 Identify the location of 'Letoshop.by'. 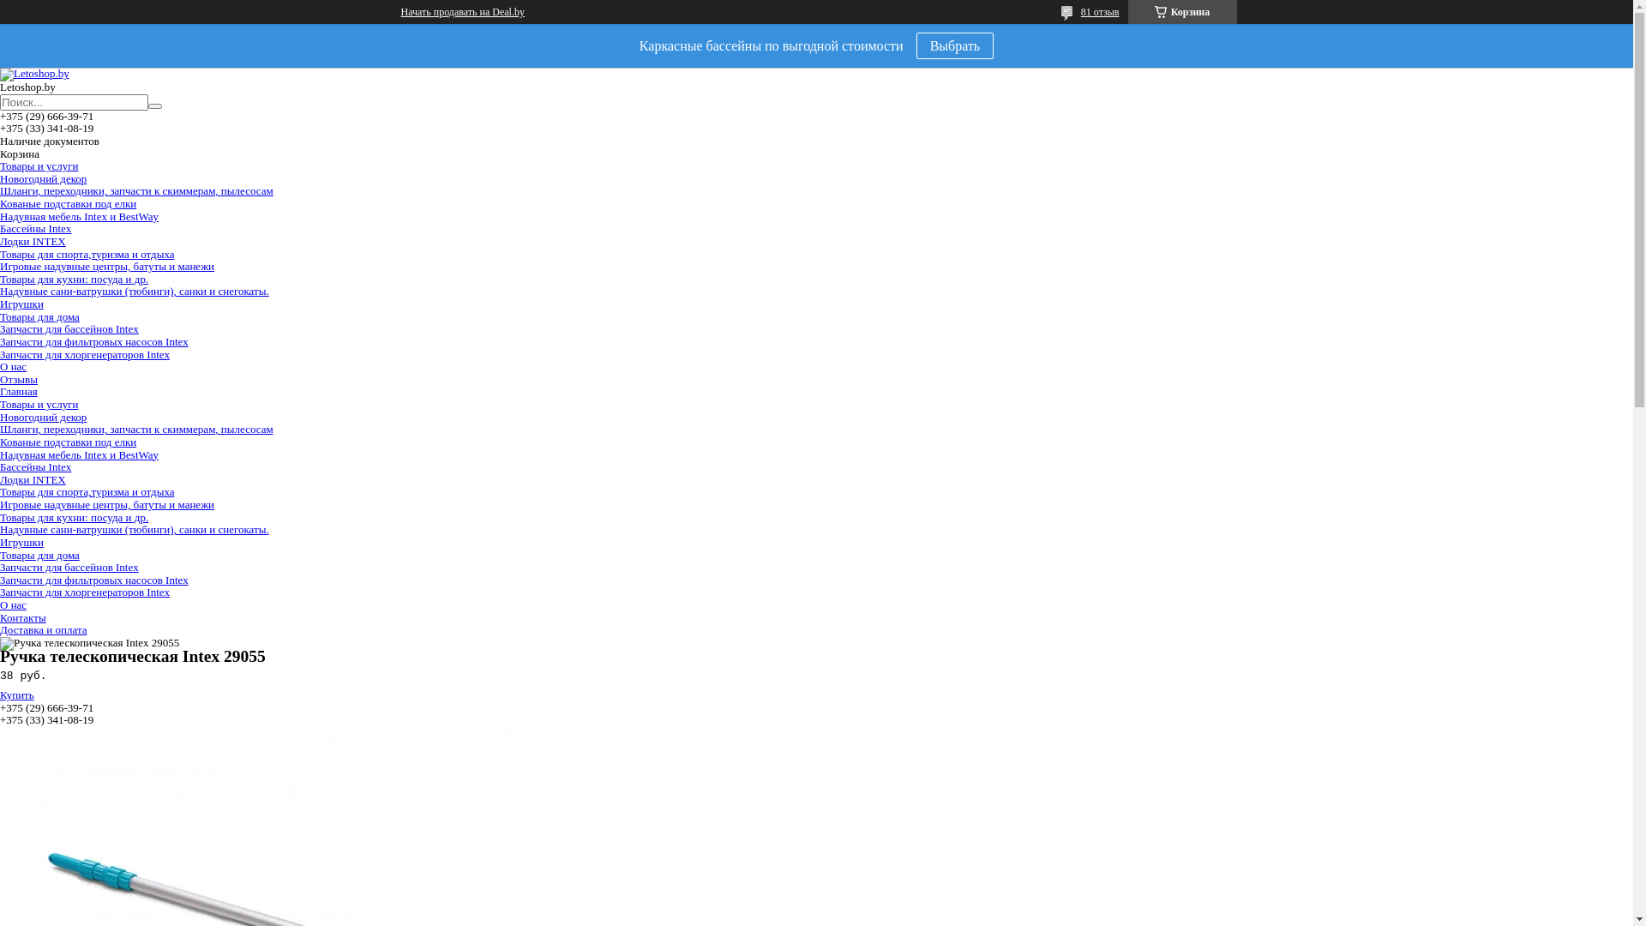
(34, 72).